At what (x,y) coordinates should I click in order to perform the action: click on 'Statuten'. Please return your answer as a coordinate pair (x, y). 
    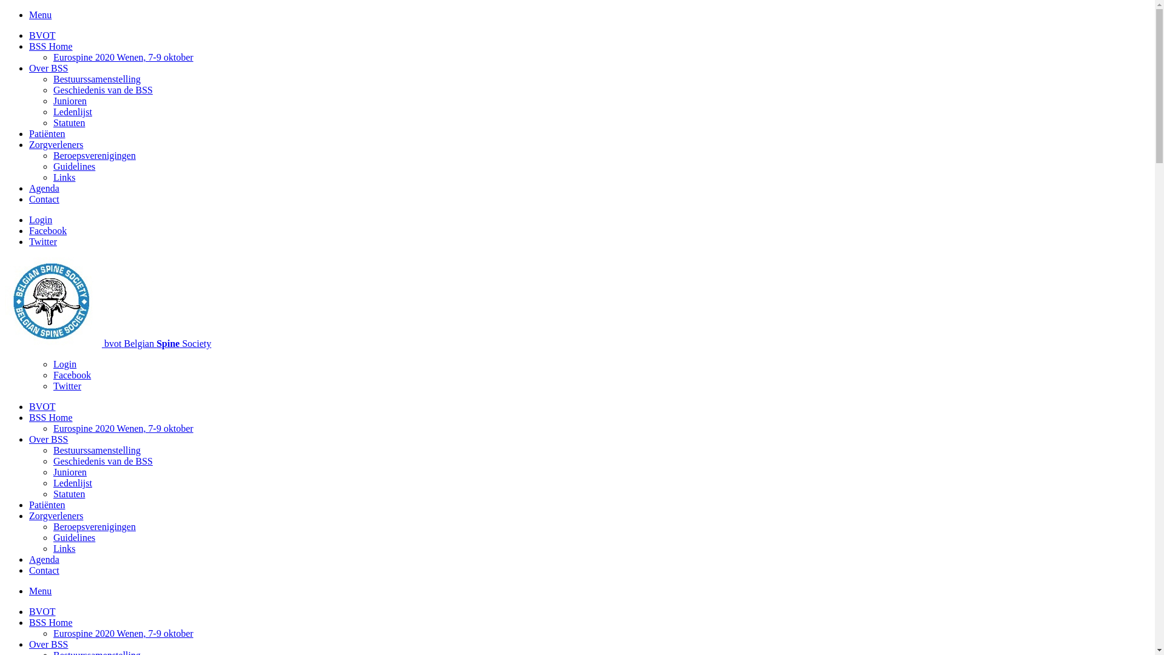
    Looking at the image, I should click on (52, 494).